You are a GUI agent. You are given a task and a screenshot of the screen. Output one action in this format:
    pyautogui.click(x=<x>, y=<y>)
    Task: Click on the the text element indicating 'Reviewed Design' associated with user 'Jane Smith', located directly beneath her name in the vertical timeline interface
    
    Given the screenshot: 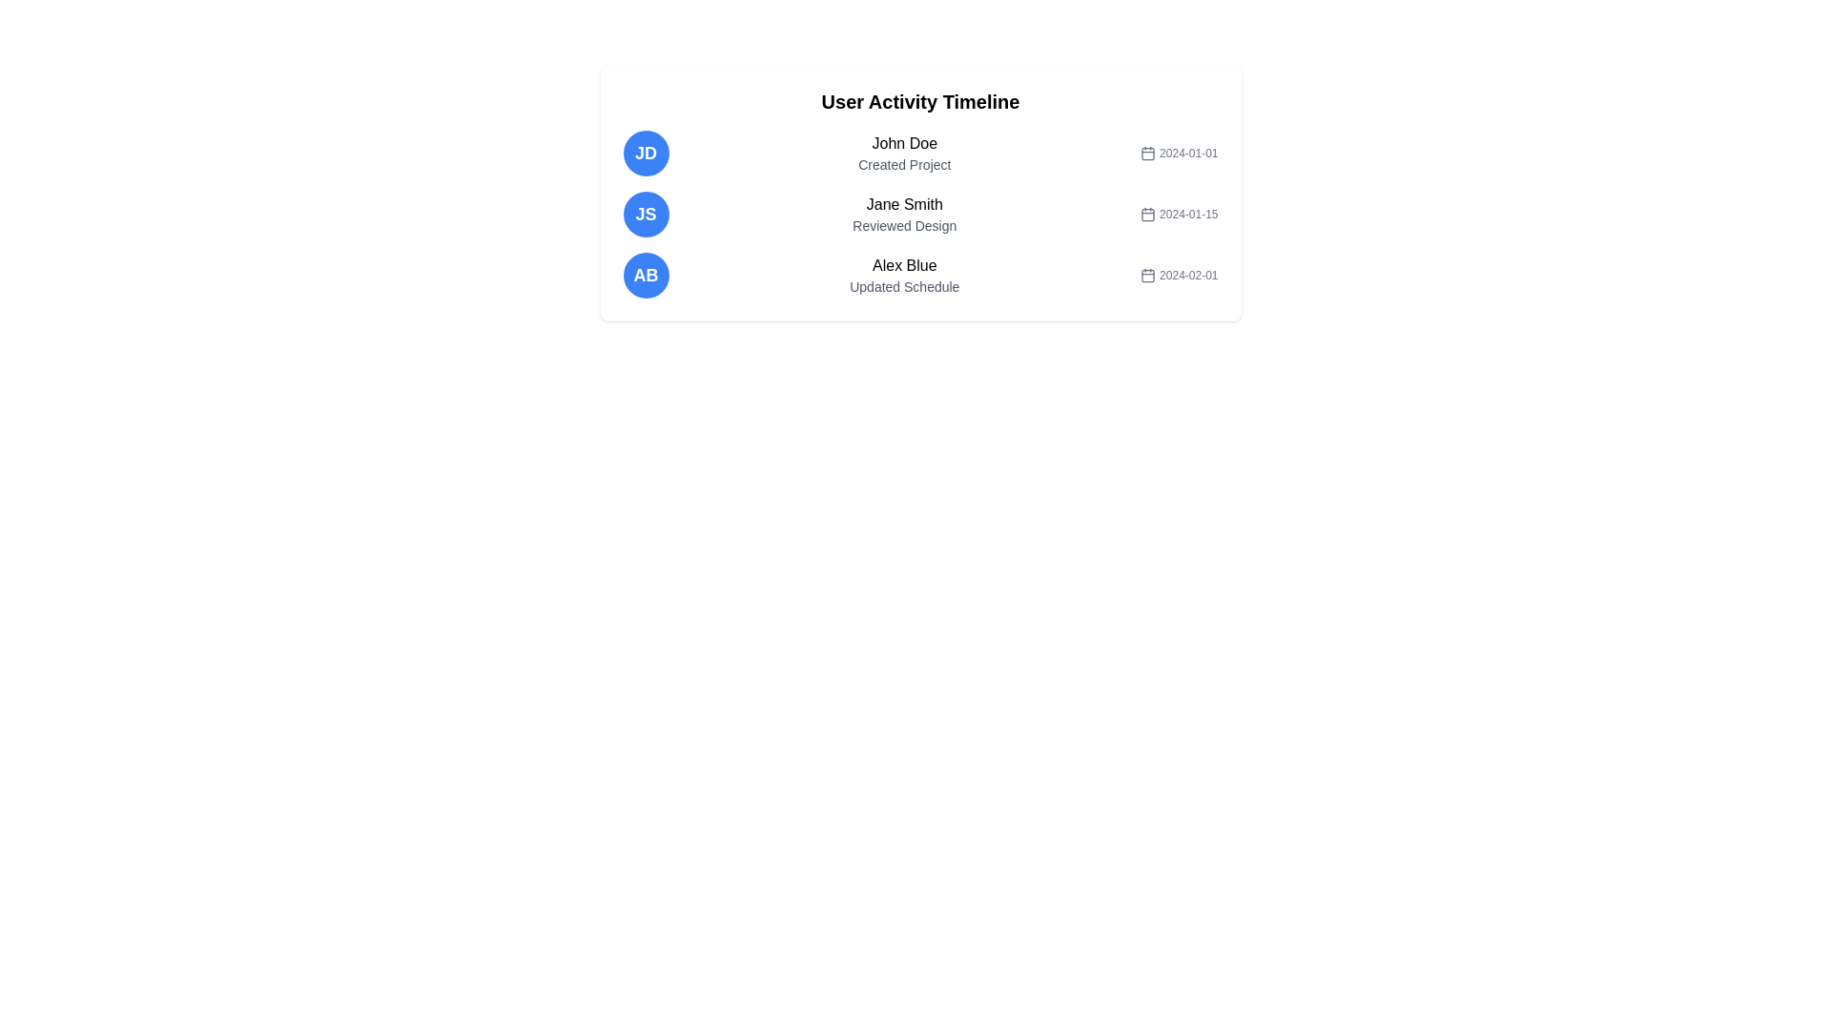 What is the action you would take?
    pyautogui.click(x=903, y=224)
    